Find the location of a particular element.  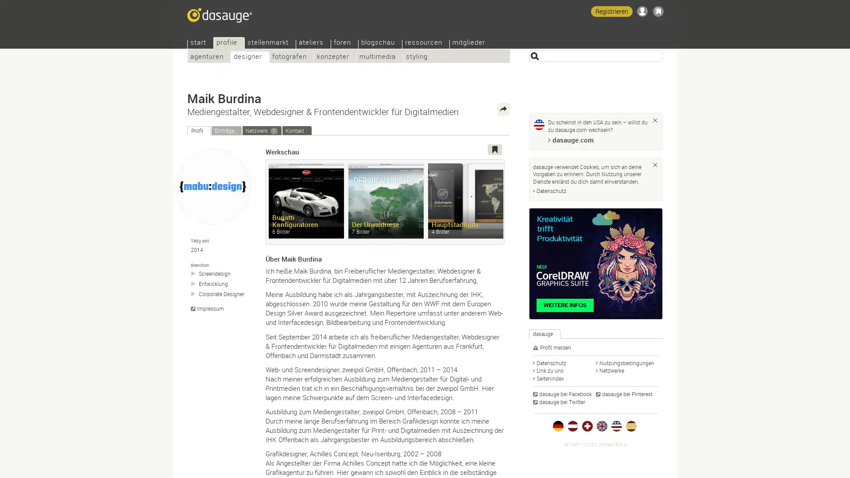

Auf den Merkzettel is located at coordinates (495, 149).